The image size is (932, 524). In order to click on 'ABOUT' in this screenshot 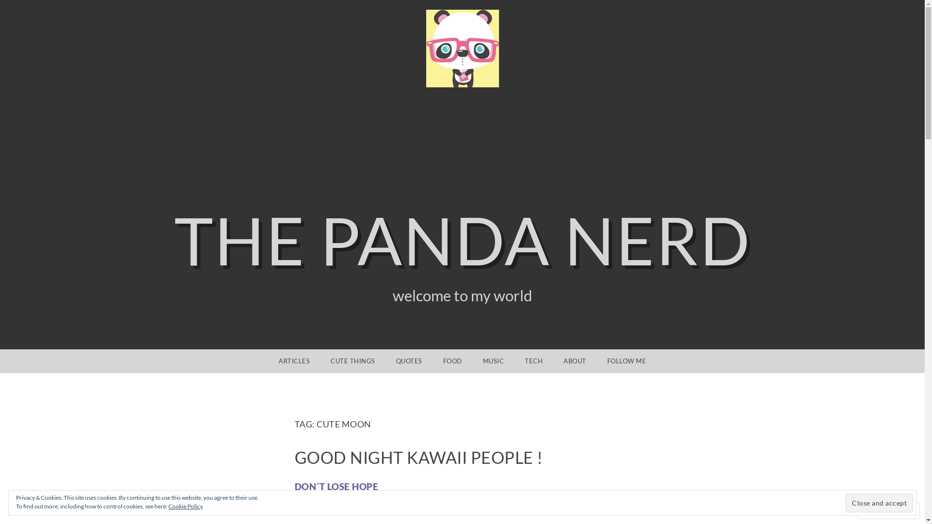, I will do `click(554, 361)`.